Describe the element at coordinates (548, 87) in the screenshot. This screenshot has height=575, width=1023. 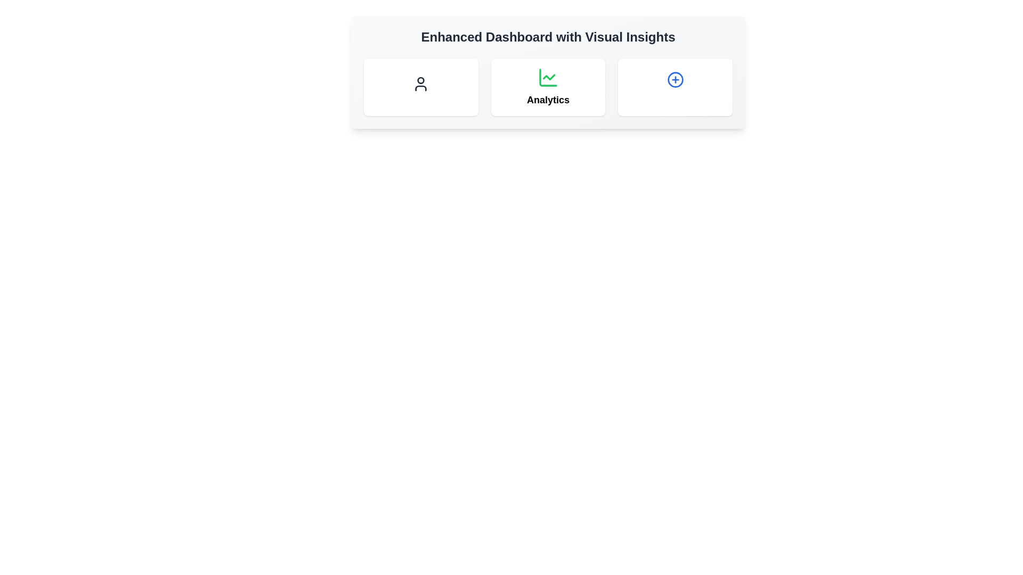
I see `the second card in the row, which is a white rectangular card with rounded corners and contains a green line graph icon with the text 'Analytics' in bold` at that location.